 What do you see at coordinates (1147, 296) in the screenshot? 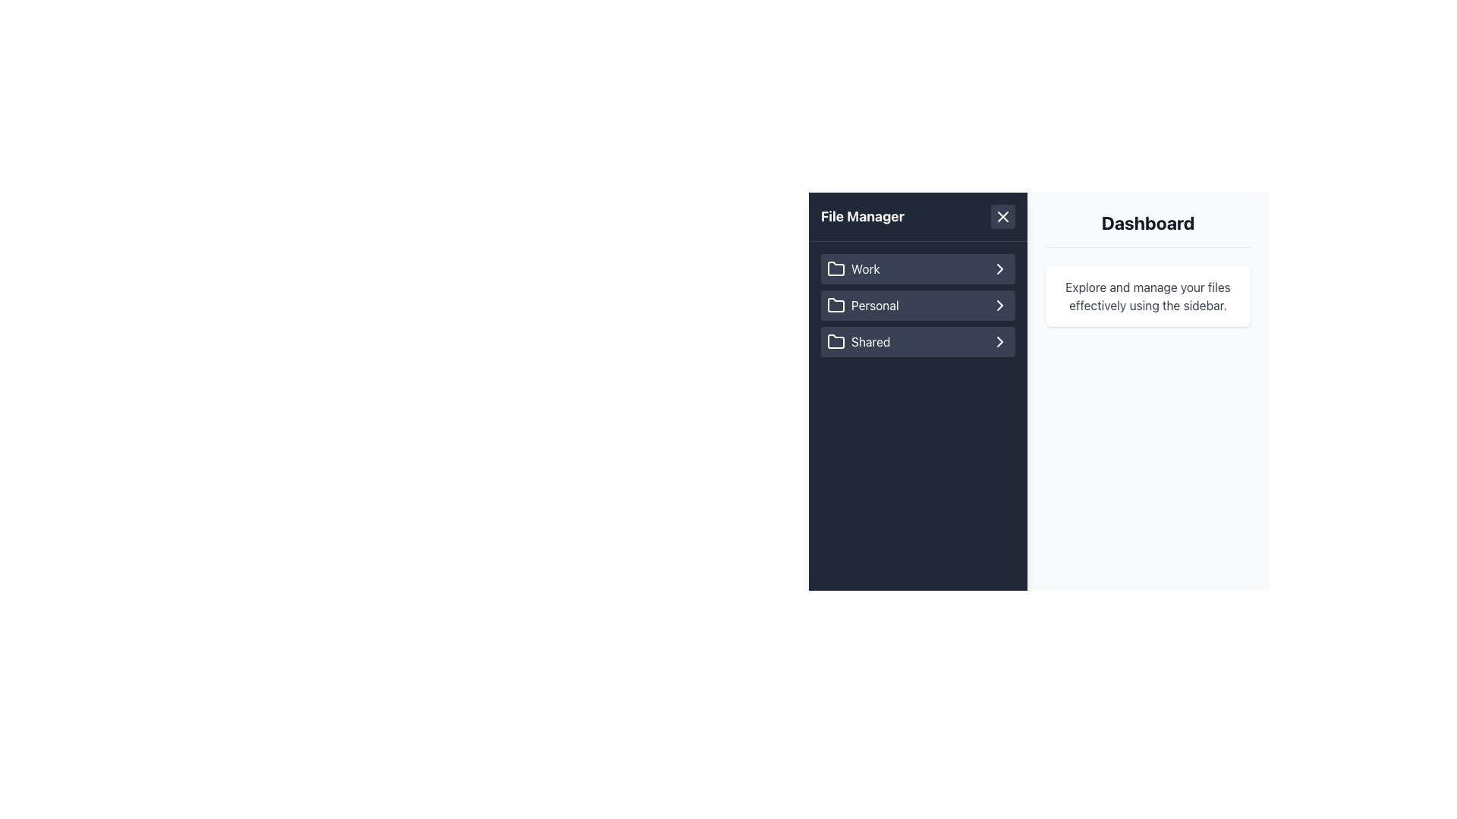
I see `the informational text label in the right section of the interface, located below the 'Dashboard' title and next to the 'File Manager' sidebar` at bounding box center [1147, 296].